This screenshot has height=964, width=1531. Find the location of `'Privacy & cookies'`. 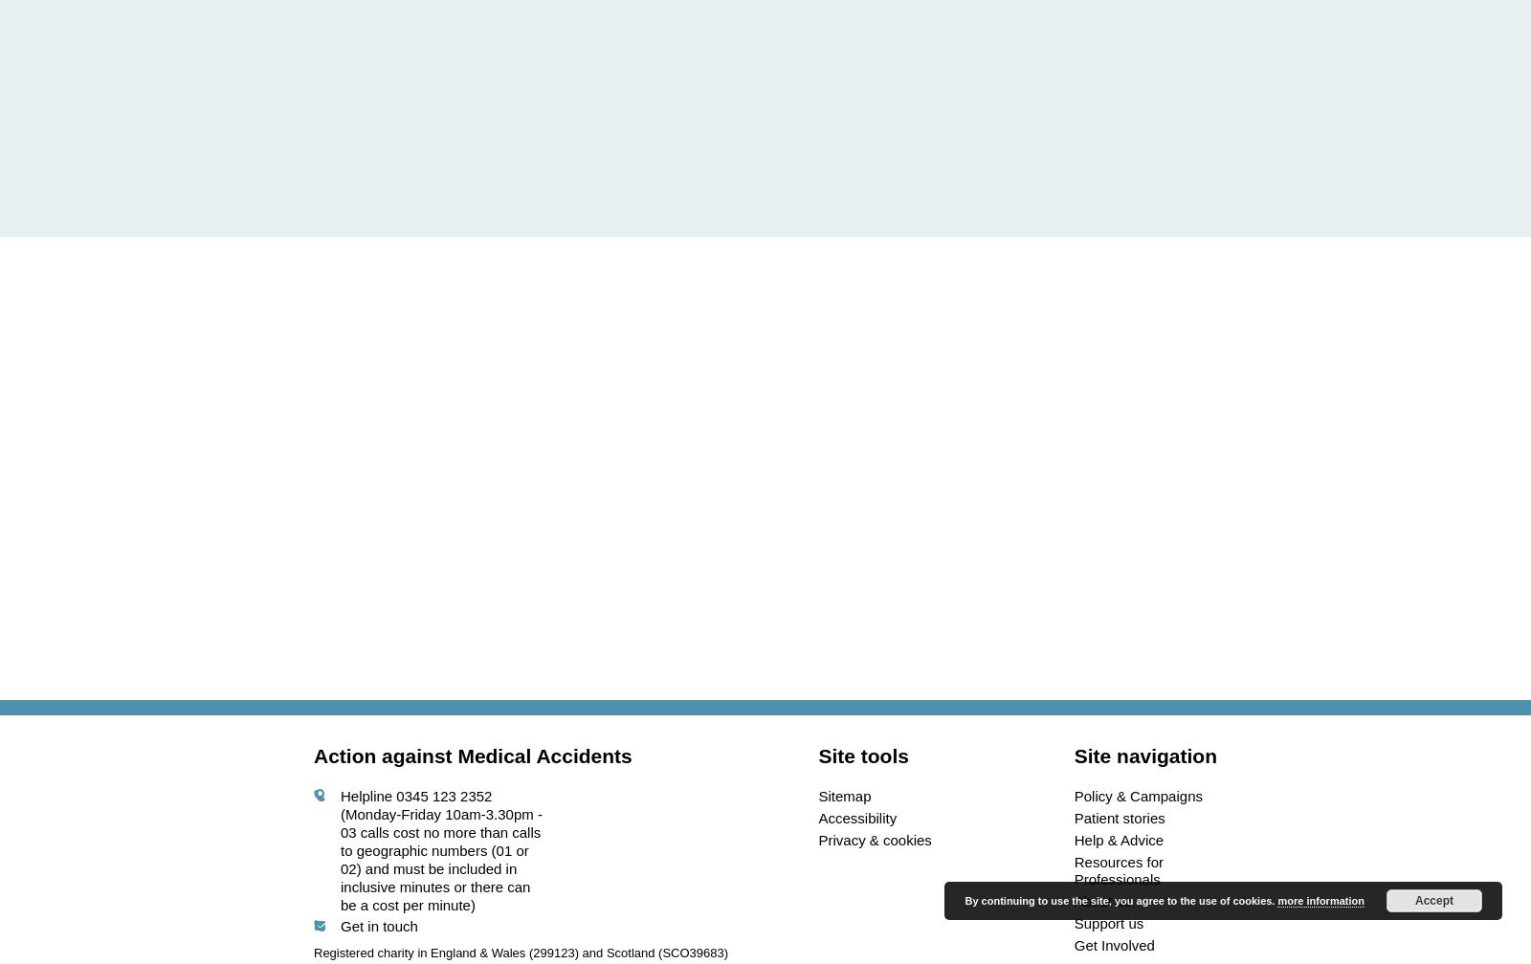

'Privacy & cookies' is located at coordinates (874, 839).